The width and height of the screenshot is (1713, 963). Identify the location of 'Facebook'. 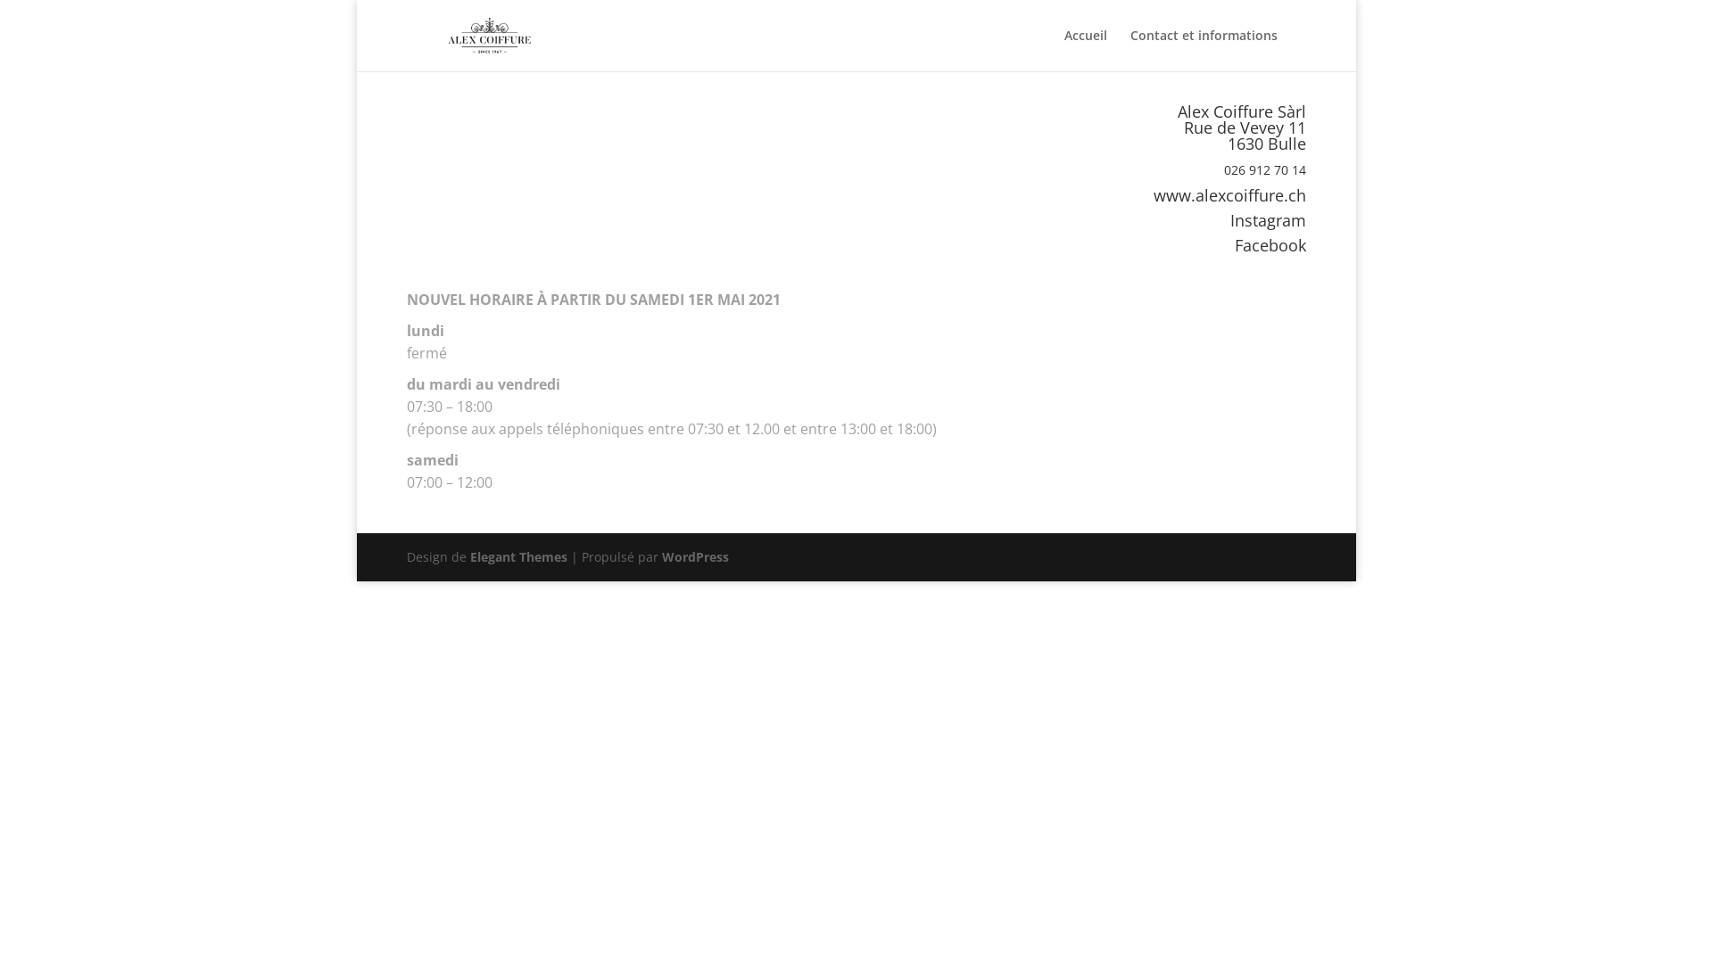
(1270, 244).